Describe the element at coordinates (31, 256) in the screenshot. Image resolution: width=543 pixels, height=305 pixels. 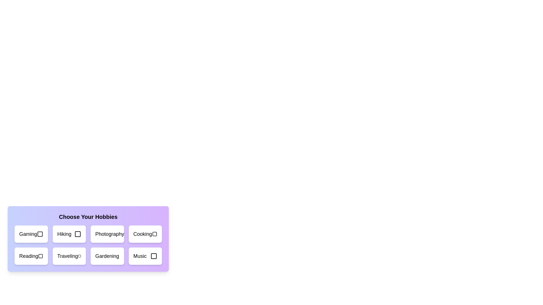
I see `the hobby card labeled 'Reading'` at that location.